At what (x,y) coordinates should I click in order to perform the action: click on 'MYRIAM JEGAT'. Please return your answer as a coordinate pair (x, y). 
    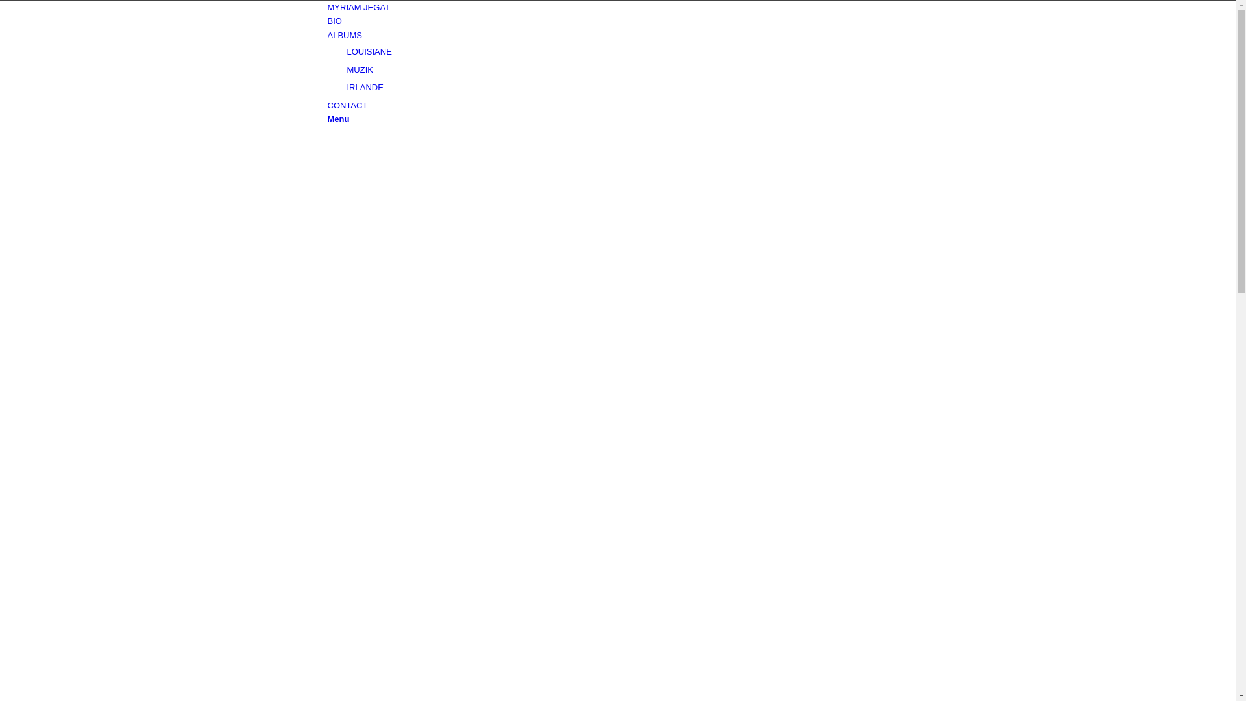
    Looking at the image, I should click on (358, 7).